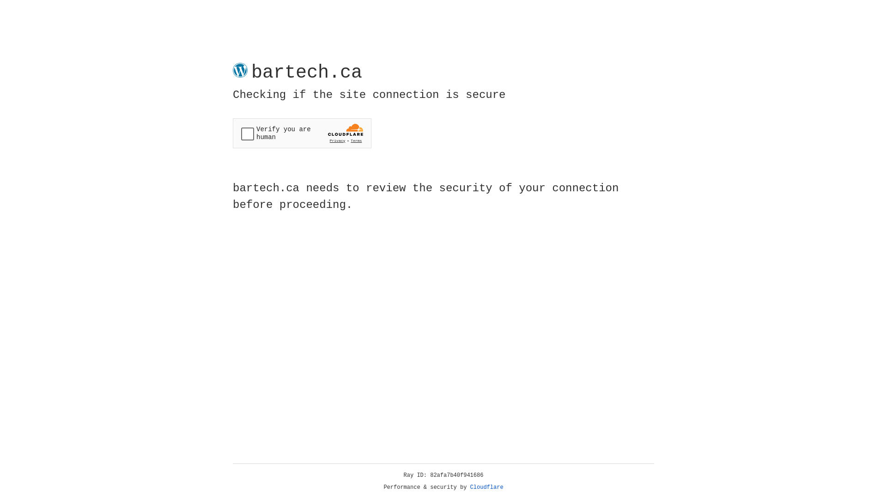 Image resolution: width=887 pixels, height=499 pixels. Describe the element at coordinates (302, 133) in the screenshot. I see `'Widget containing a Cloudflare security challenge'` at that location.